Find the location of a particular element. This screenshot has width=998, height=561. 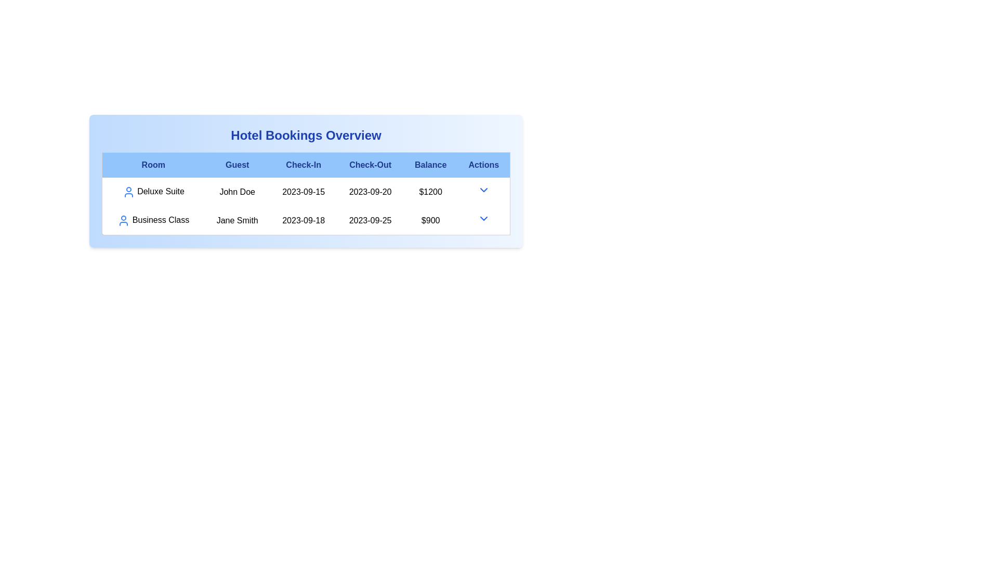

arrow button in the Actions column for the row corresponding to Business Class is located at coordinates (483, 218).